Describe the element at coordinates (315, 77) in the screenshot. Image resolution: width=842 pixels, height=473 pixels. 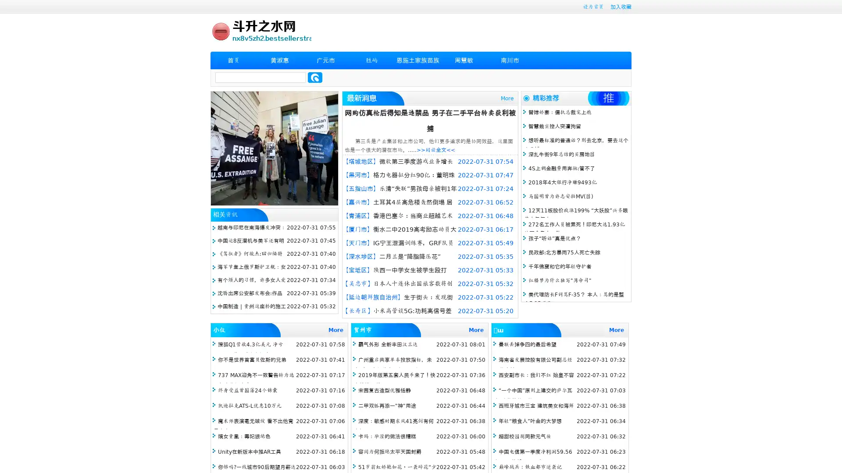
I see `Search` at that location.